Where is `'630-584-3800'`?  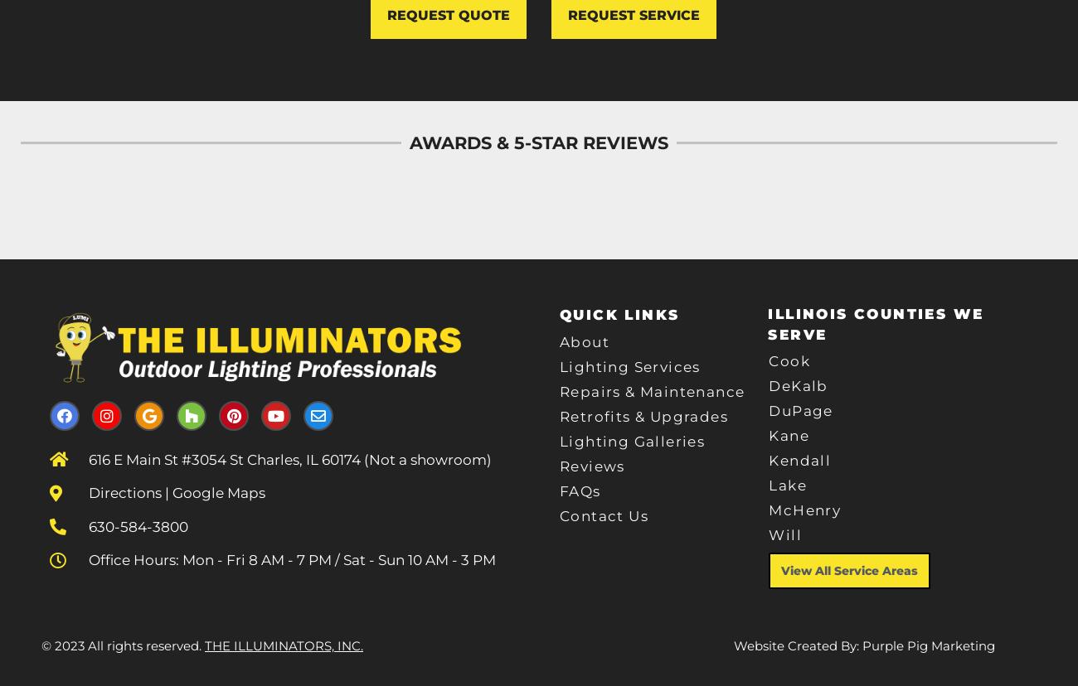
'630-584-3800' is located at coordinates (138, 525).